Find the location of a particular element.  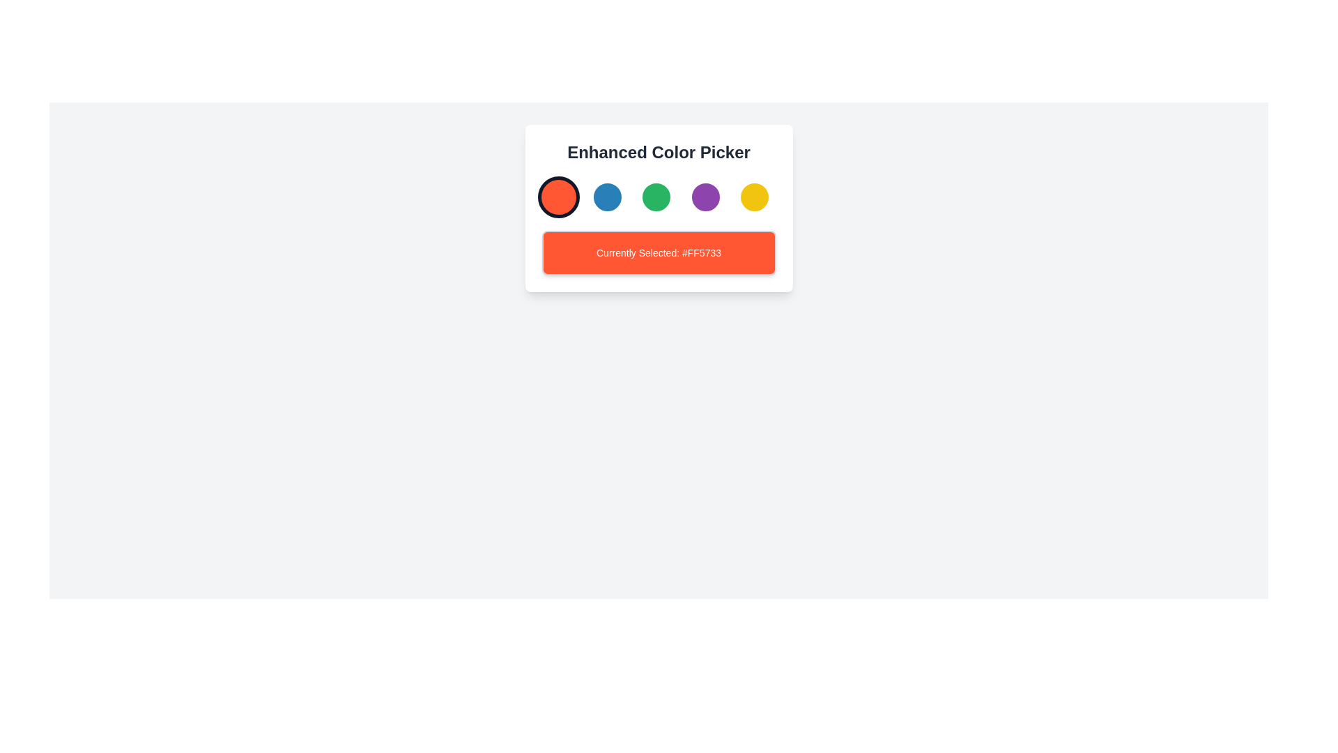

the second circular button from the left with a blue background labeled 'Enhanced Color Picker' is located at coordinates (607, 197).